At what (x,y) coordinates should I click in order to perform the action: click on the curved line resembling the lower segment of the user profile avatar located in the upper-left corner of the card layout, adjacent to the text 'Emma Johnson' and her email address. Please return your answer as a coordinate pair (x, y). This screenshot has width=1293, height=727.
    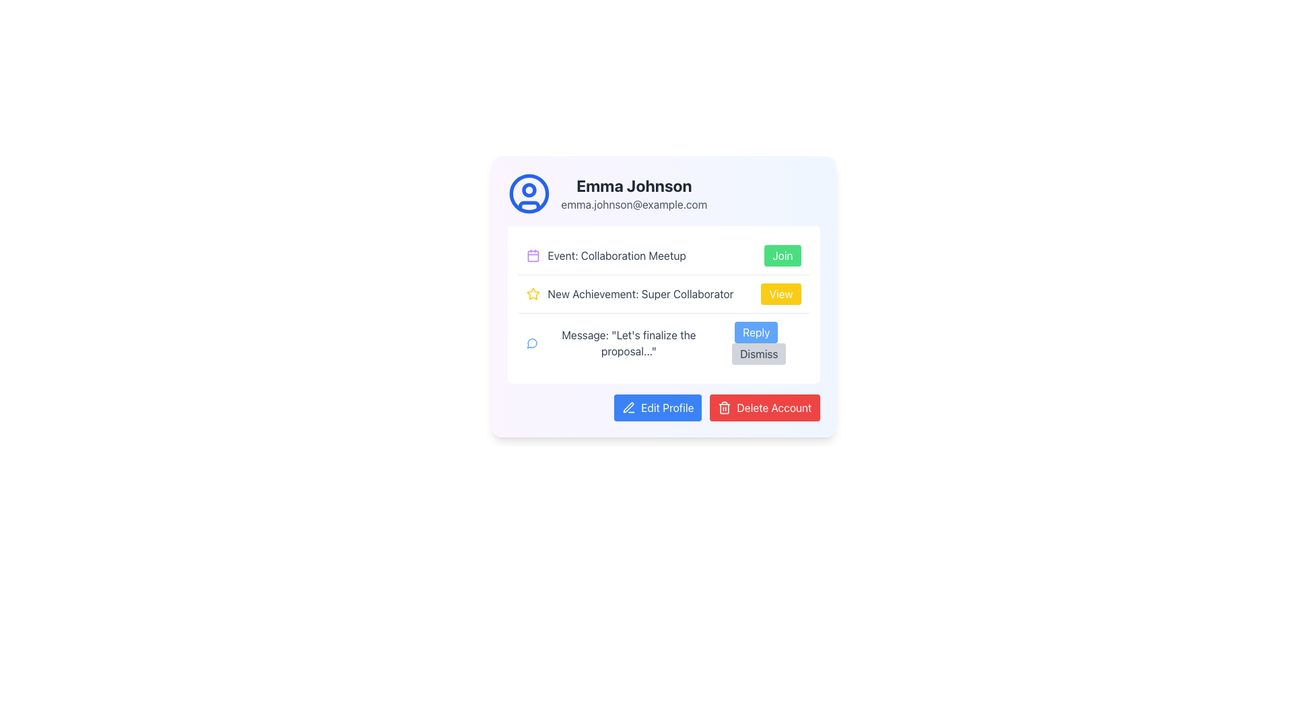
    Looking at the image, I should click on (528, 206).